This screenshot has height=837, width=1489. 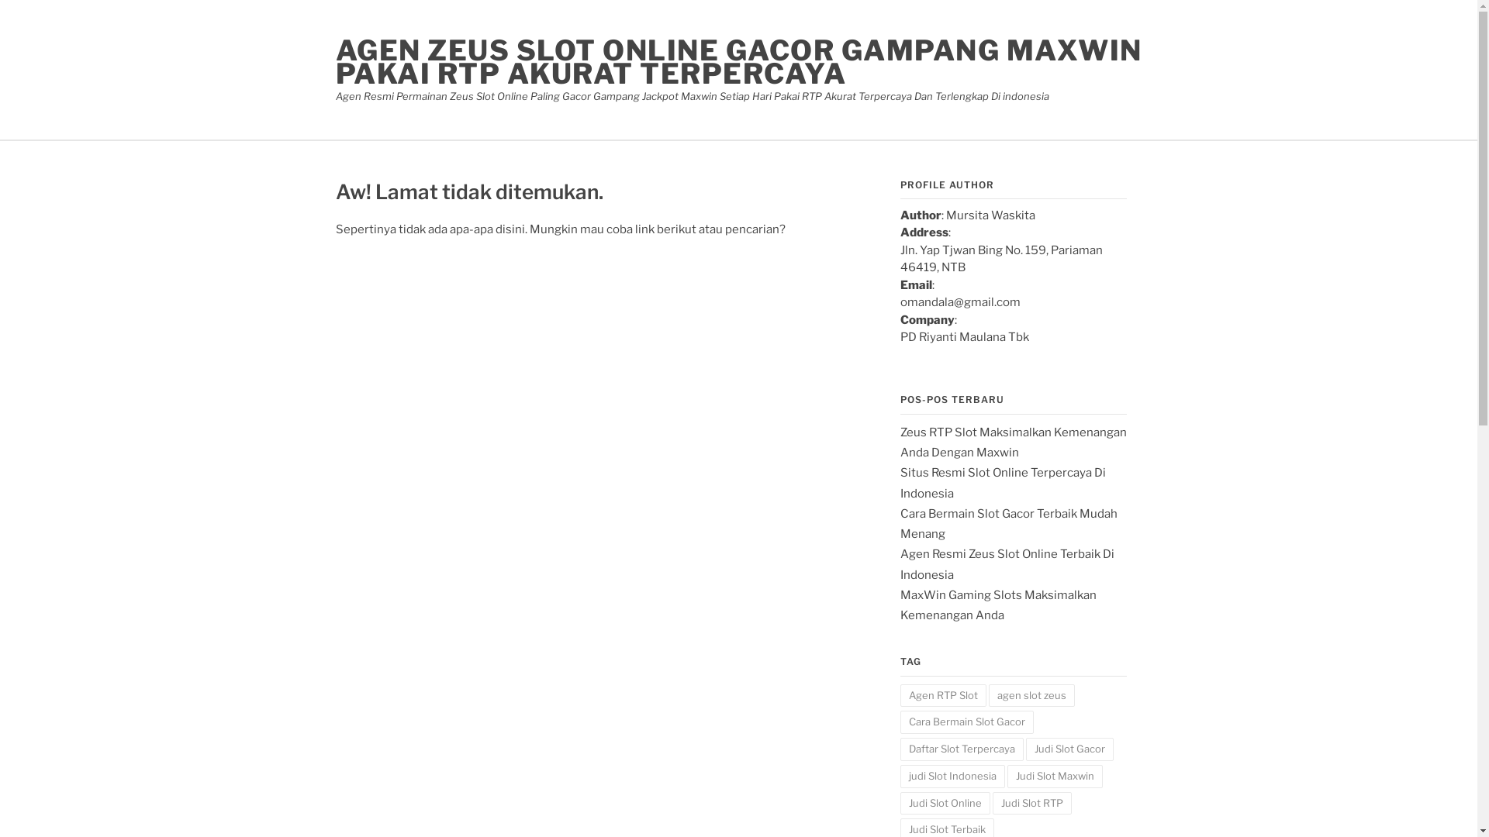 What do you see at coordinates (1068, 749) in the screenshot?
I see `'Judi Slot Gacor'` at bounding box center [1068, 749].